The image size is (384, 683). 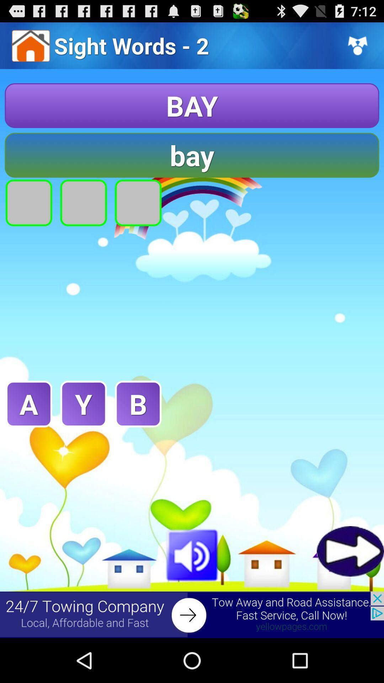 What do you see at coordinates (350, 590) in the screenshot?
I see `the arrow_forward icon` at bounding box center [350, 590].